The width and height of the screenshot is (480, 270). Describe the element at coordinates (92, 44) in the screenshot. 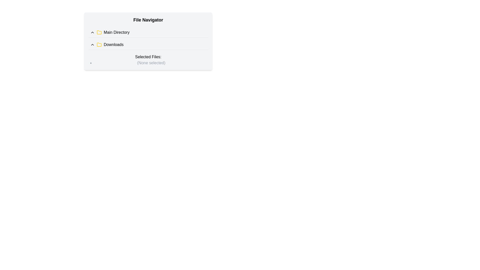

I see `the upward-pointing chevron icon located to the left of the 'Downloads' label` at that location.